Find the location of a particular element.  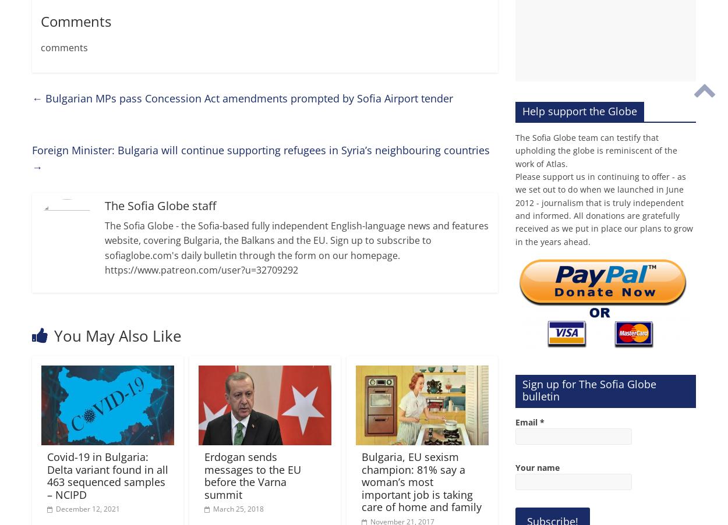

'Email' is located at coordinates (528, 421).